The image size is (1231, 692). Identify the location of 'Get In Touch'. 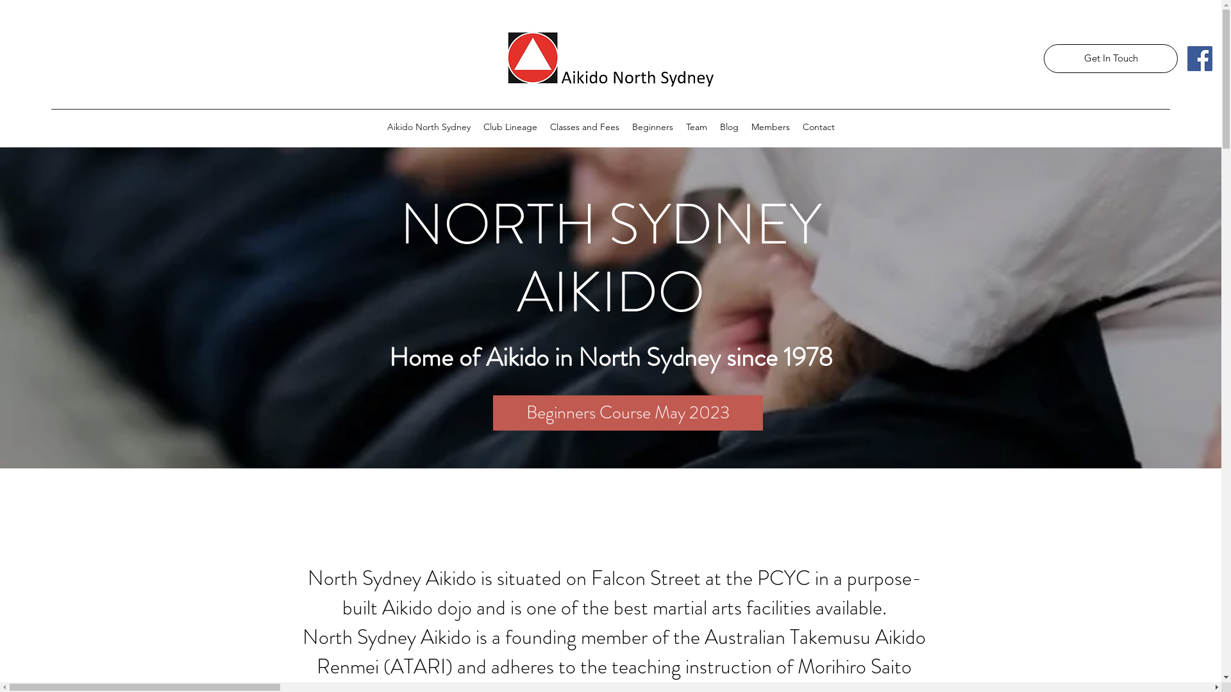
(1043, 58).